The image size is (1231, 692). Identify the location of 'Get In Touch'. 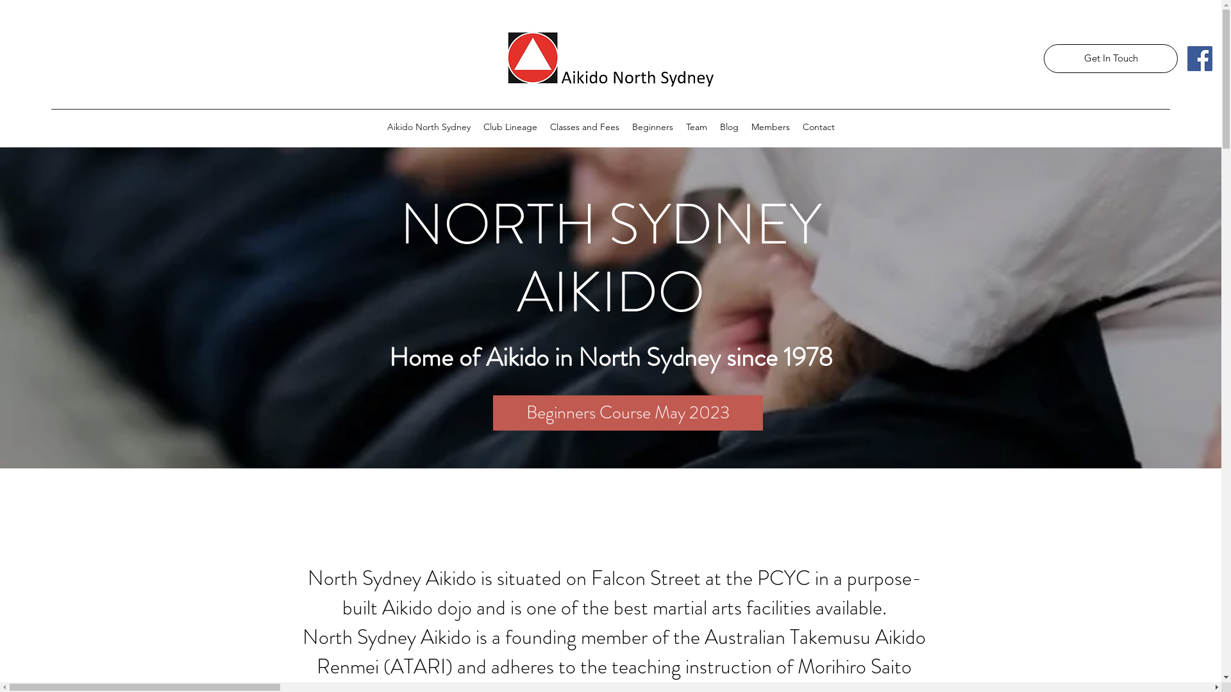
(1043, 58).